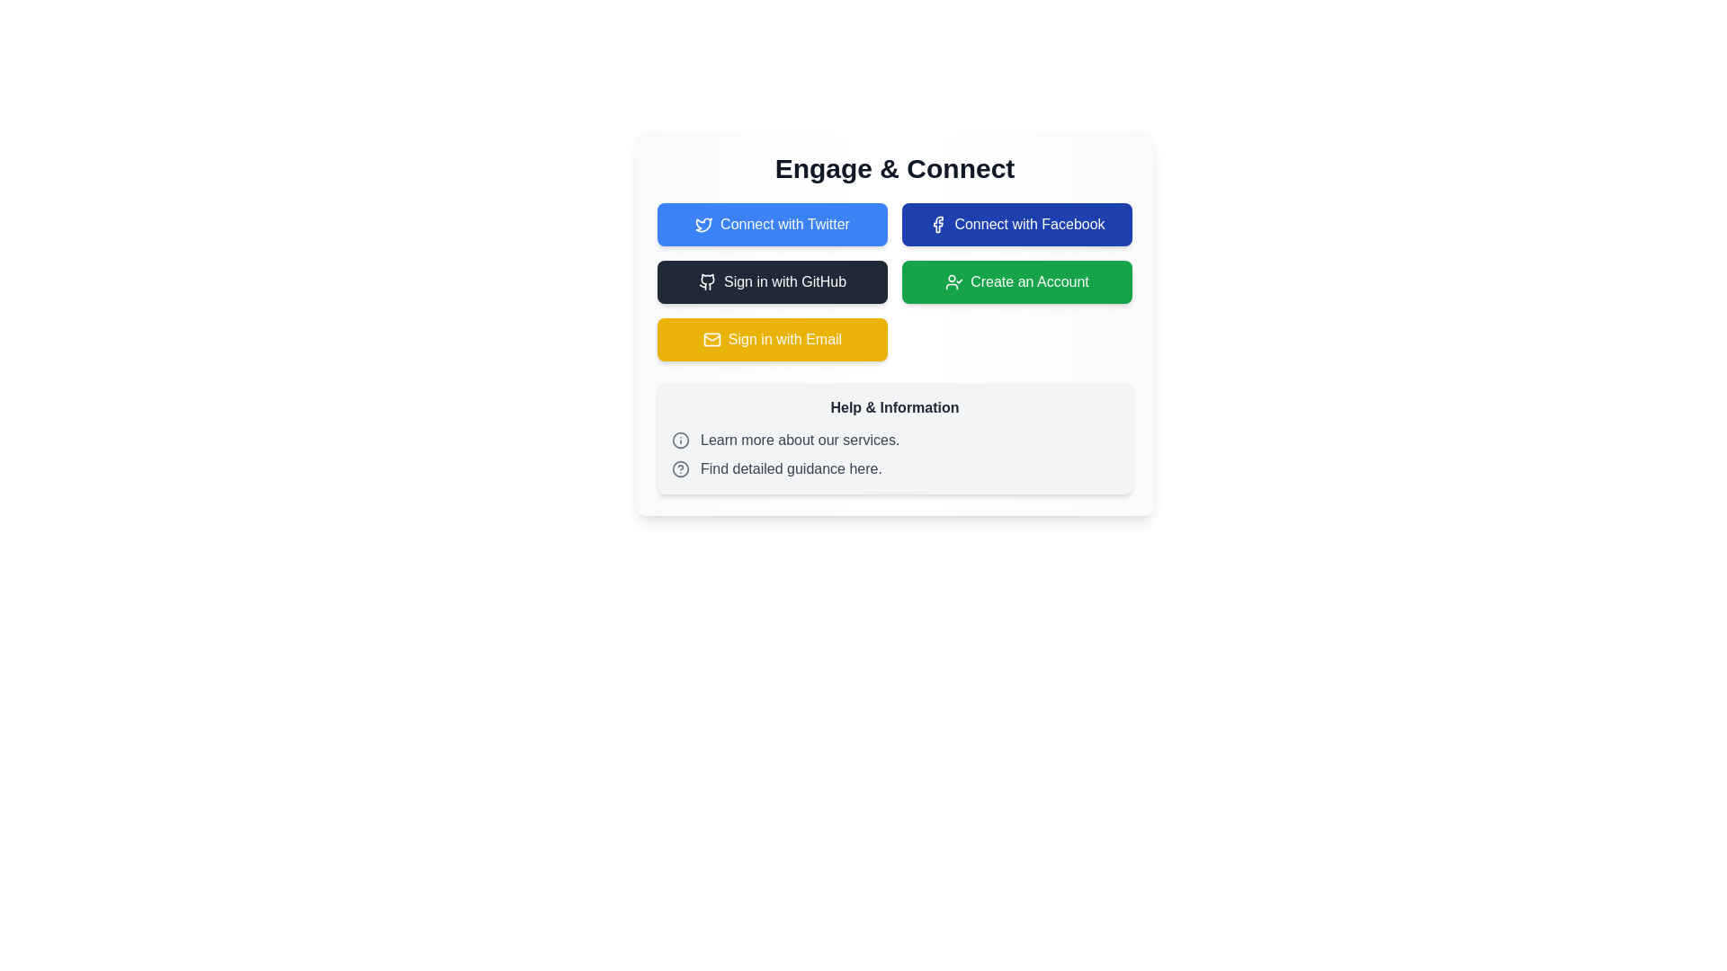 This screenshot has height=971, width=1727. What do you see at coordinates (1017, 224) in the screenshot?
I see `the rectangular button with a deep blue background and white text saying 'Connect with Facebook' to connect with Facebook` at bounding box center [1017, 224].